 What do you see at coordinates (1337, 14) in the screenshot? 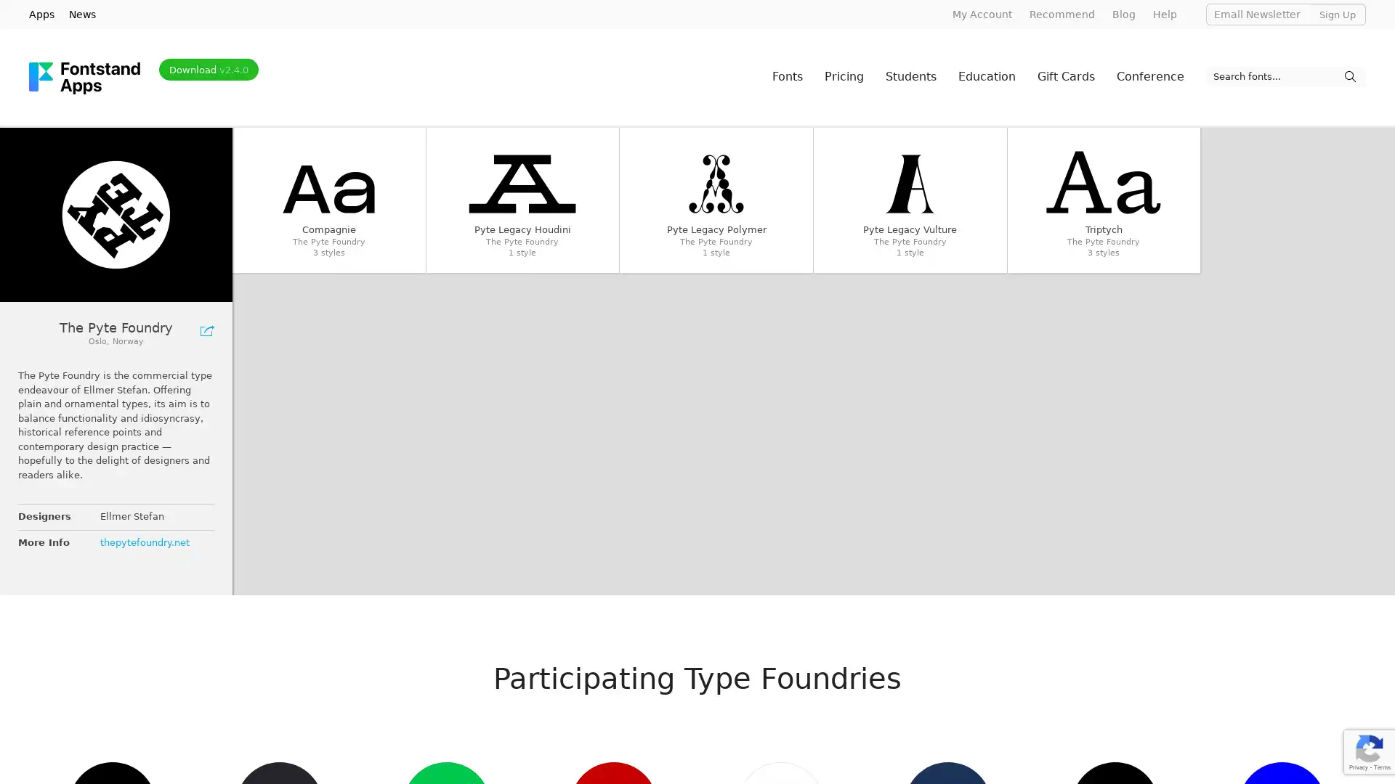
I see `Sign Up` at bounding box center [1337, 14].